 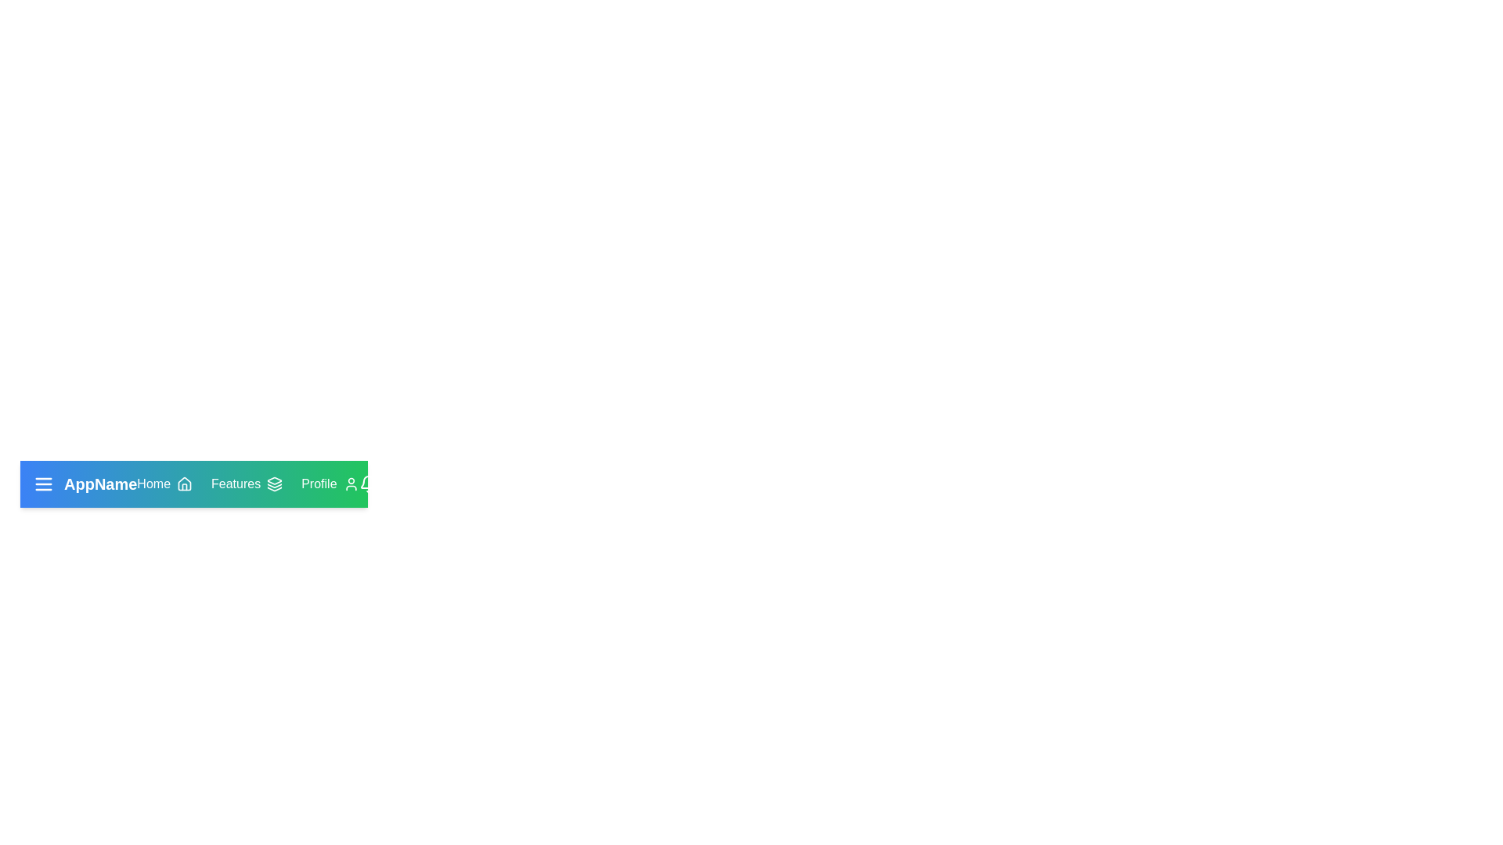 I want to click on the interactive element HomeButton to view its hover effect, so click(x=164, y=483).